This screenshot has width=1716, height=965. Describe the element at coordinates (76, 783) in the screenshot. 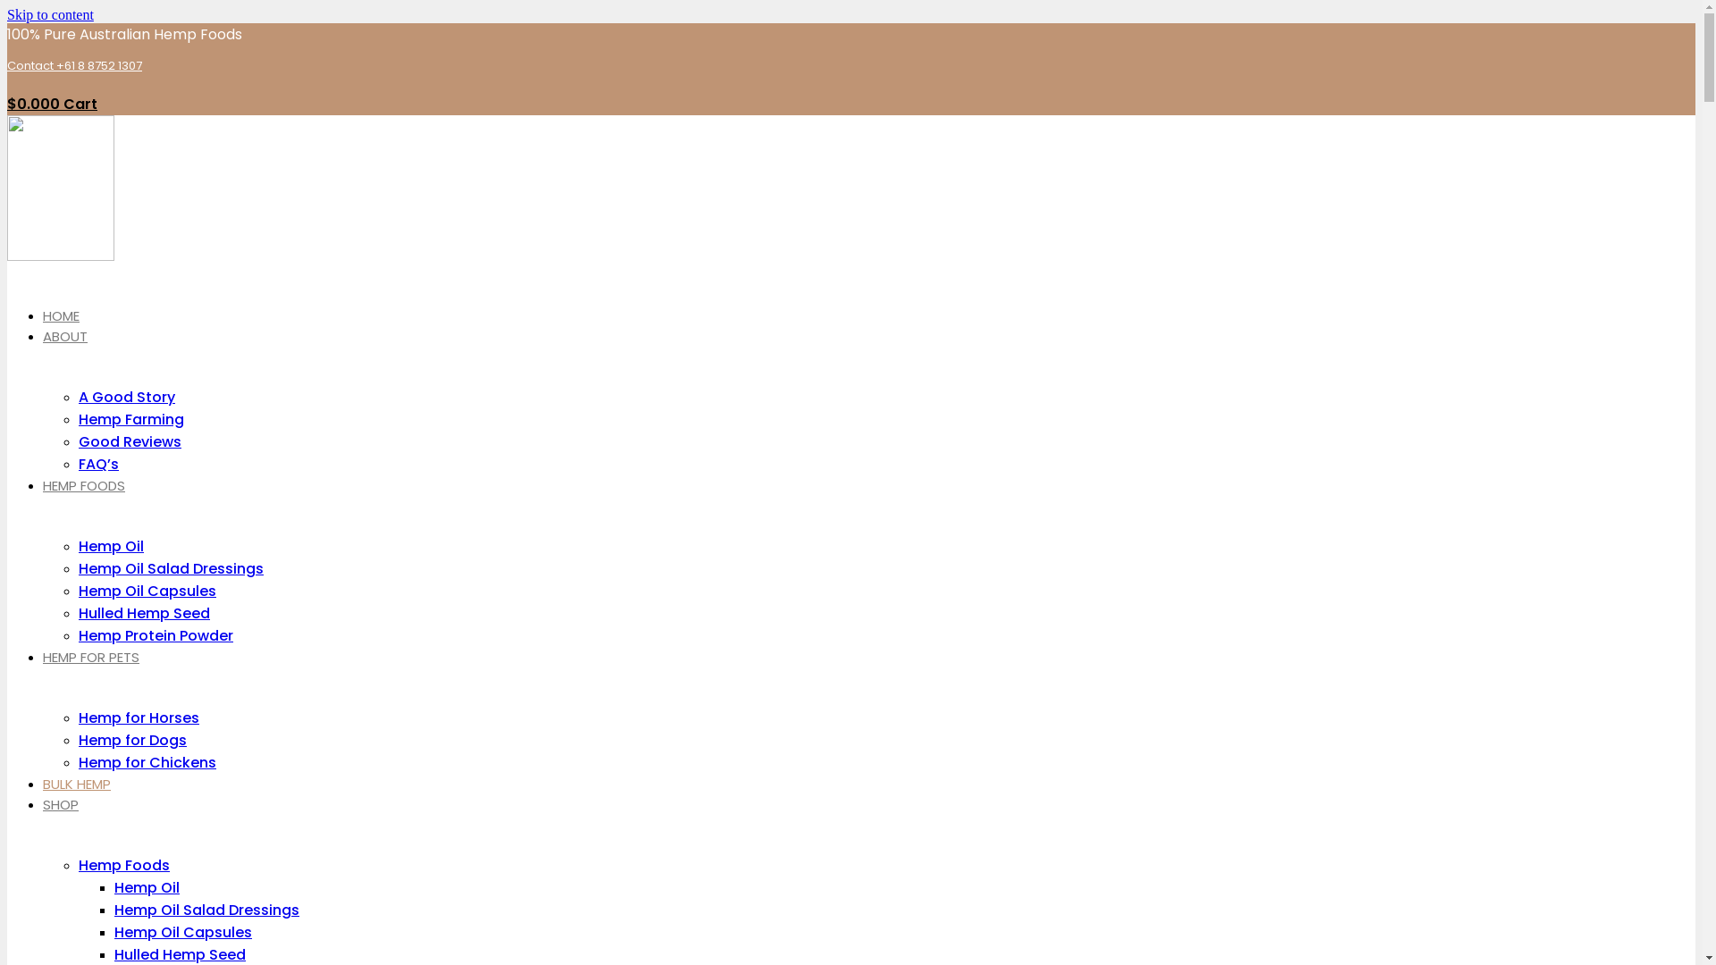

I see `'BULK HEMP'` at that location.